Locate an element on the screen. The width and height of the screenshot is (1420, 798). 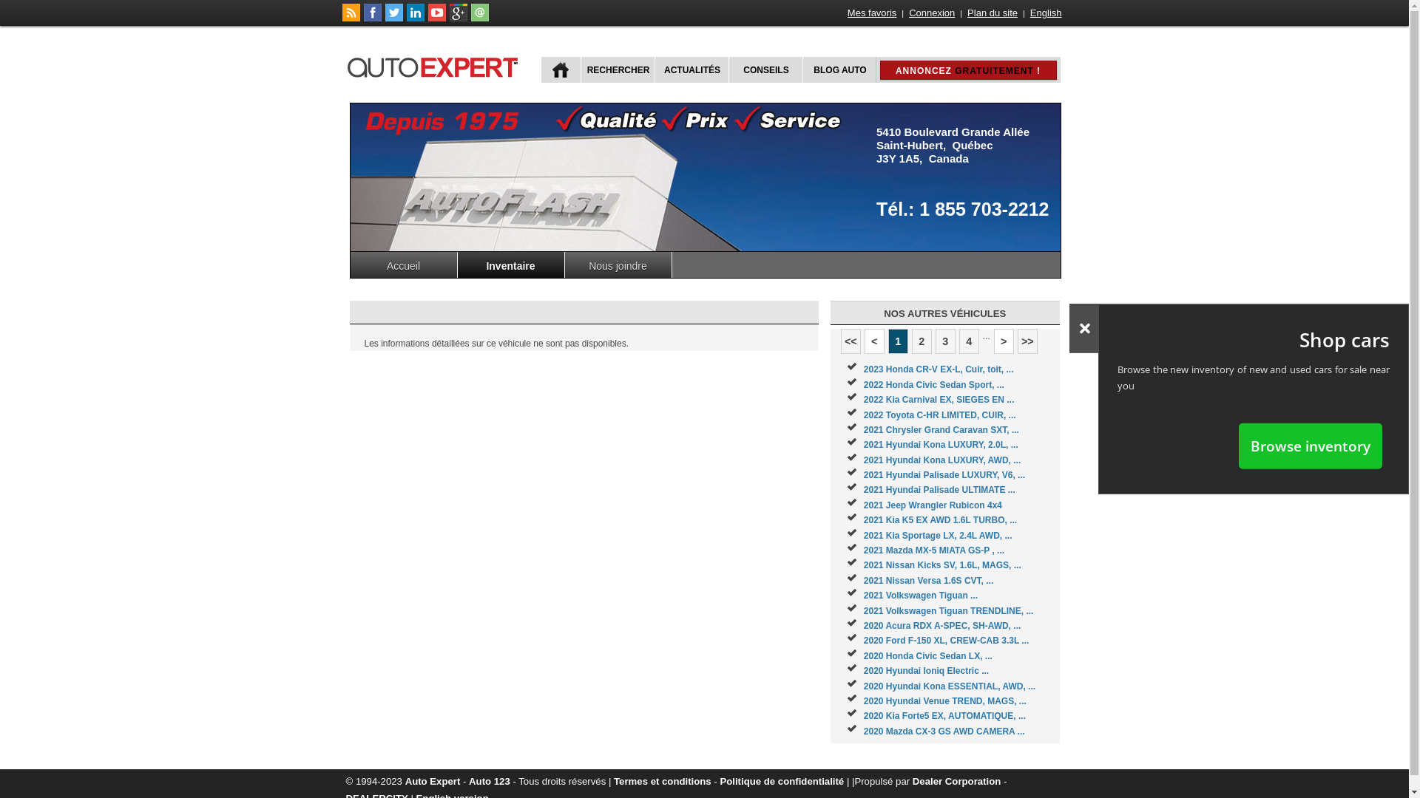
'Dealer Corporation' is located at coordinates (911, 780).